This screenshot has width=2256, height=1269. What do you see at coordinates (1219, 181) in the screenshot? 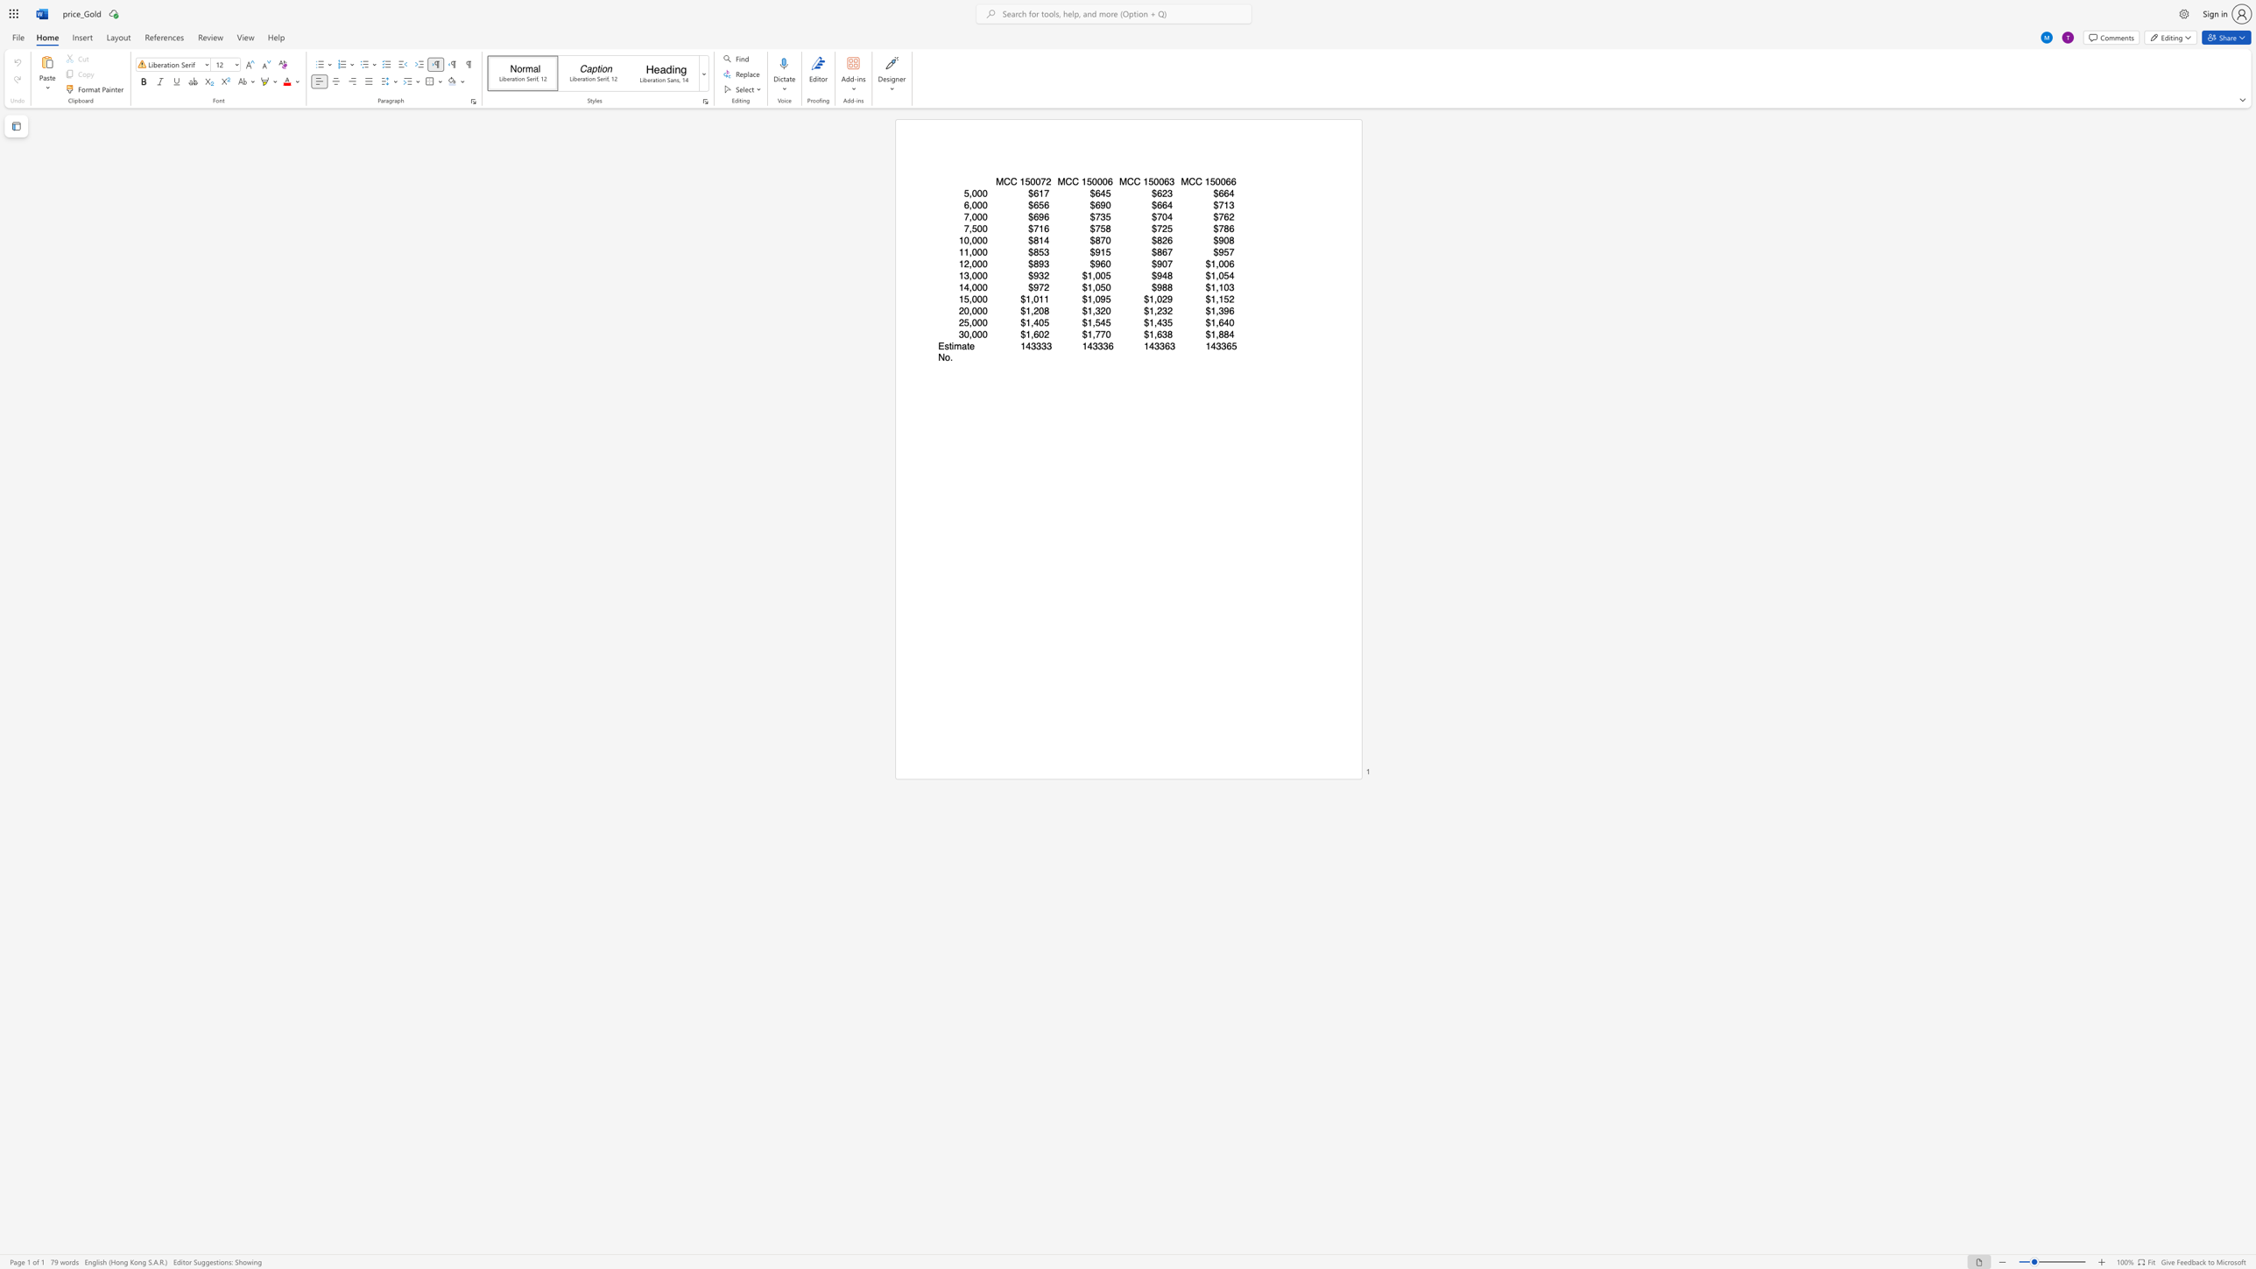
I see `the subset text "06" within the text "MCC 150066"` at bounding box center [1219, 181].